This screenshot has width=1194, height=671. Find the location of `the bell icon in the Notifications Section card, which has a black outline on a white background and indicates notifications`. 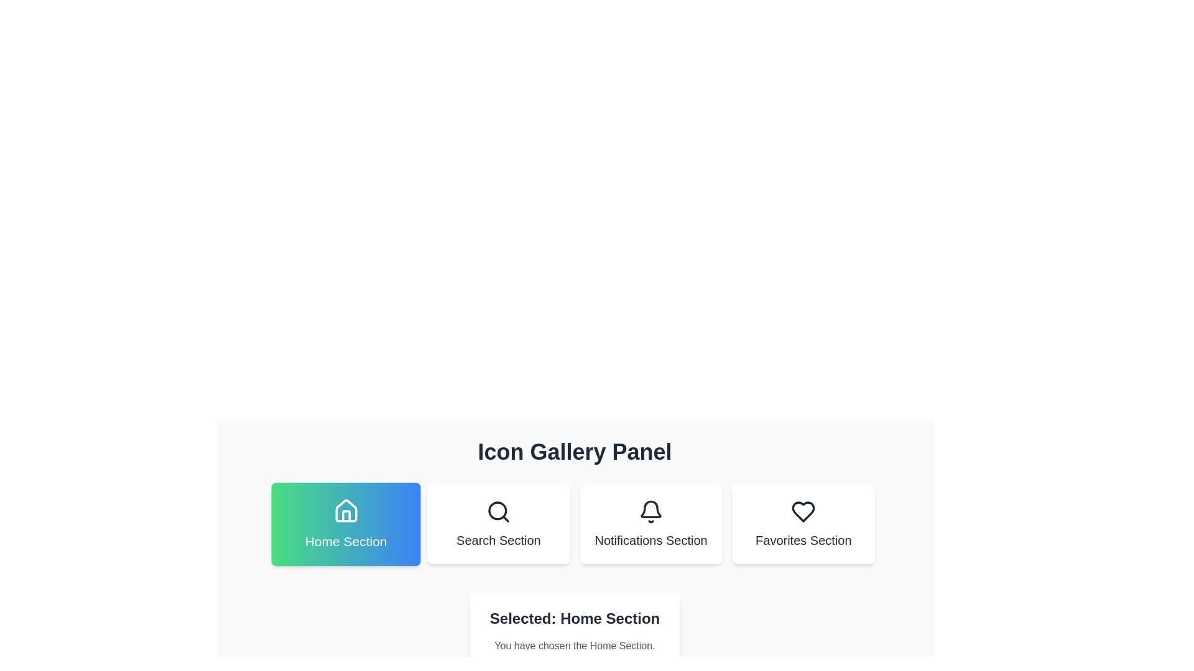

the bell icon in the Notifications Section card, which has a black outline on a white background and indicates notifications is located at coordinates (650, 512).